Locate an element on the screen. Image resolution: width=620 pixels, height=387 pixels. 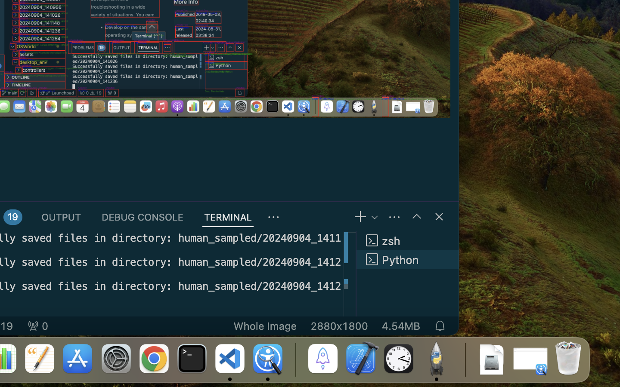
'0 DEBUG CONSOLE' is located at coordinates (143, 216).